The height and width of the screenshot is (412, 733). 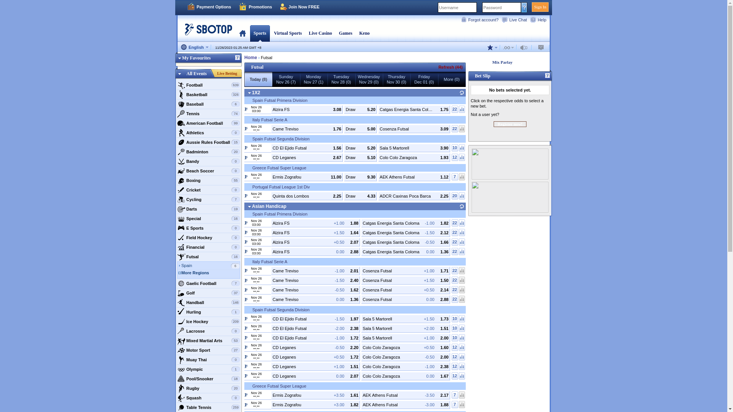 I want to click on 'Aussie Rules Football, so click(x=208, y=142).